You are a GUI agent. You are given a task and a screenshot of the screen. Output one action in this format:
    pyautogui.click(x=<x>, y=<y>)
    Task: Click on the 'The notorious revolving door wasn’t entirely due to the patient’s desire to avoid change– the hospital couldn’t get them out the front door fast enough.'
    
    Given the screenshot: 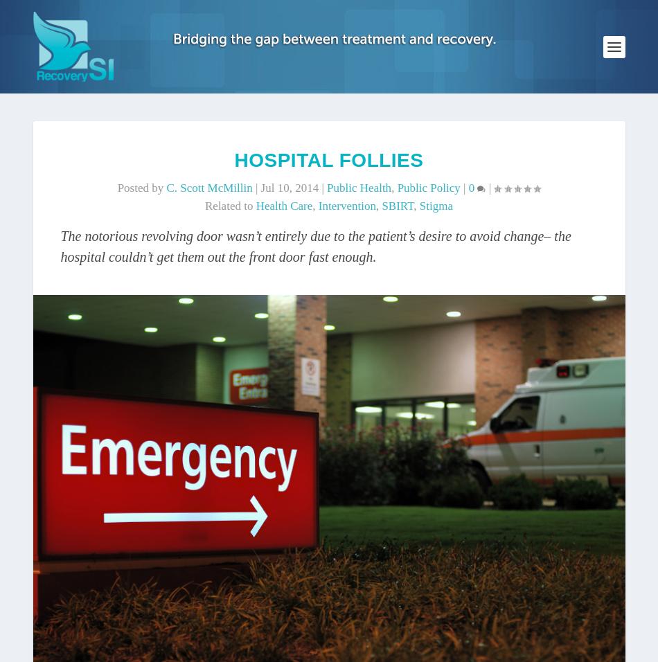 What is the action you would take?
    pyautogui.click(x=314, y=244)
    